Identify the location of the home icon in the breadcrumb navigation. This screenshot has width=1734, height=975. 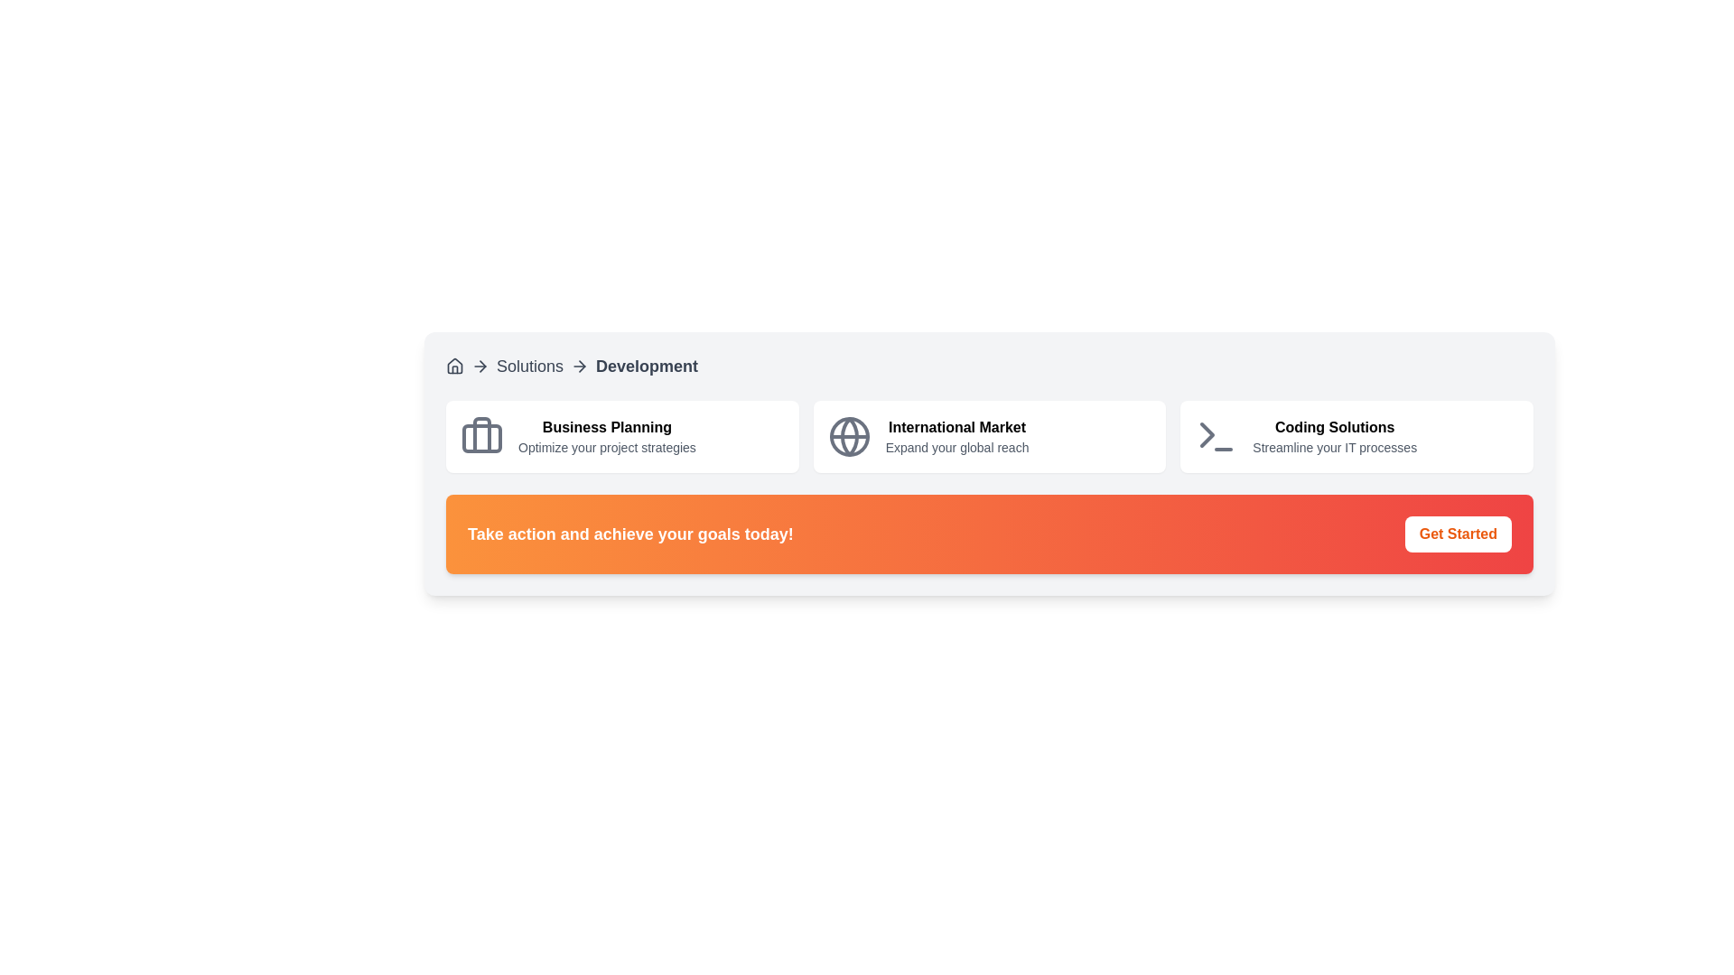
(455, 366).